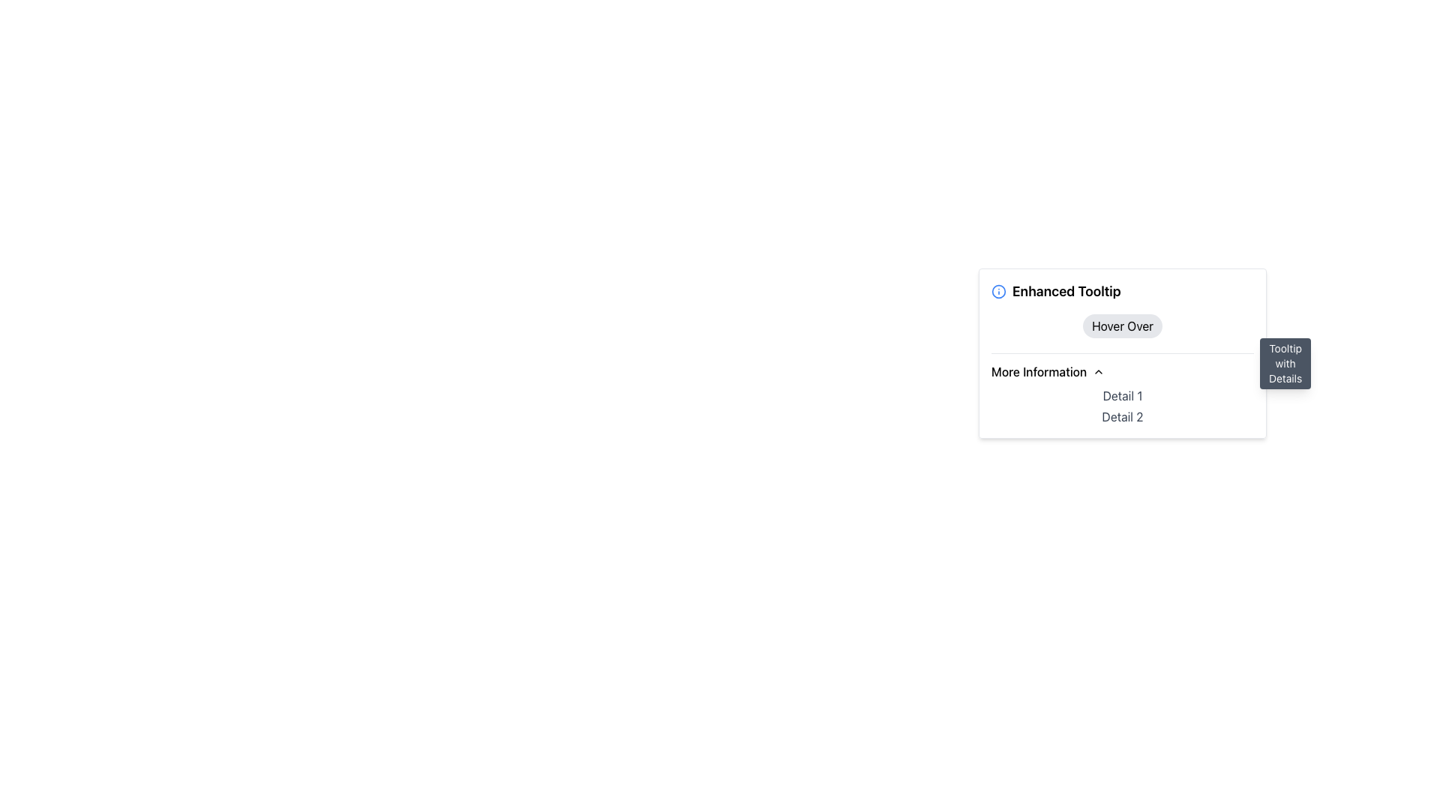  Describe the element at coordinates (1099, 371) in the screenshot. I see `the downward-pointing chevron icon next to the 'More Information' text` at that location.